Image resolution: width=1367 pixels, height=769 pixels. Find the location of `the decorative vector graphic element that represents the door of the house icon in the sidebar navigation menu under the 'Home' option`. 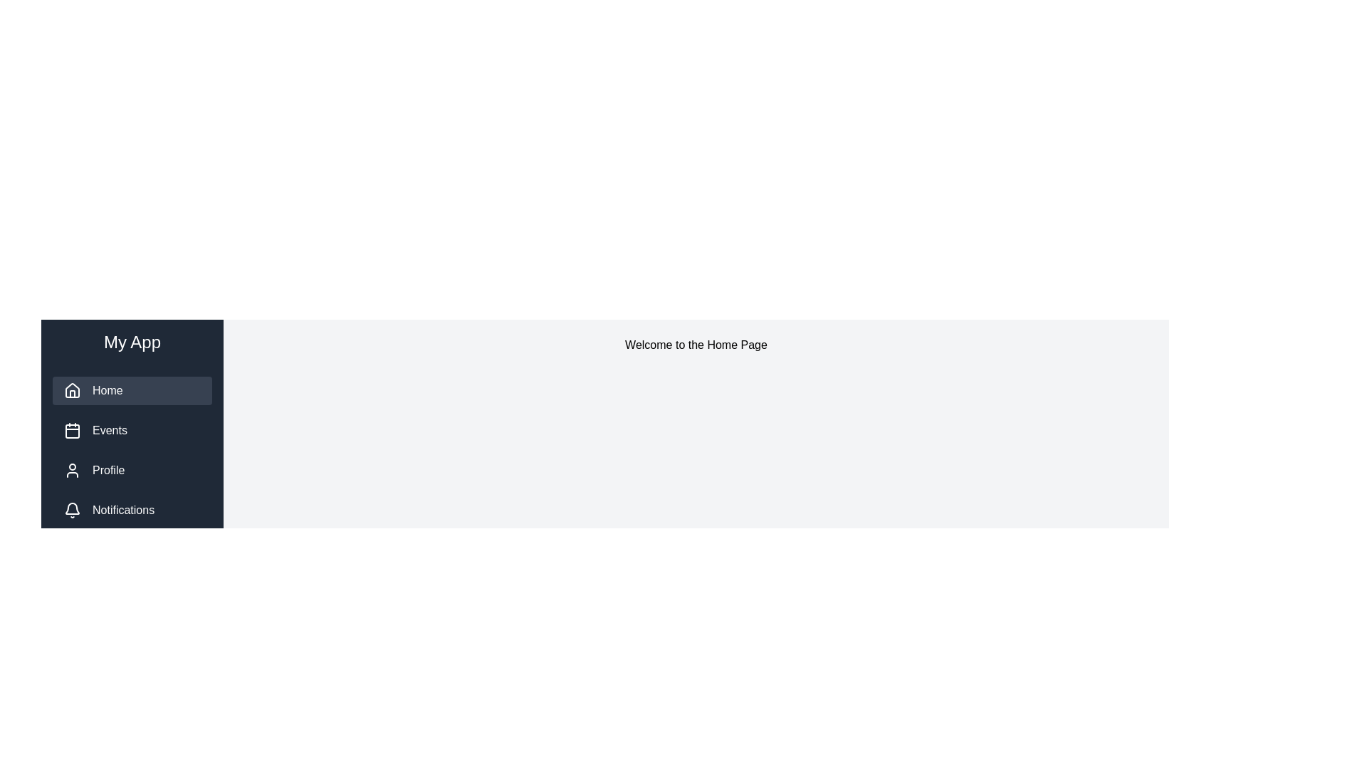

the decorative vector graphic element that represents the door of the house icon in the sidebar navigation menu under the 'Home' option is located at coordinates (71, 394).